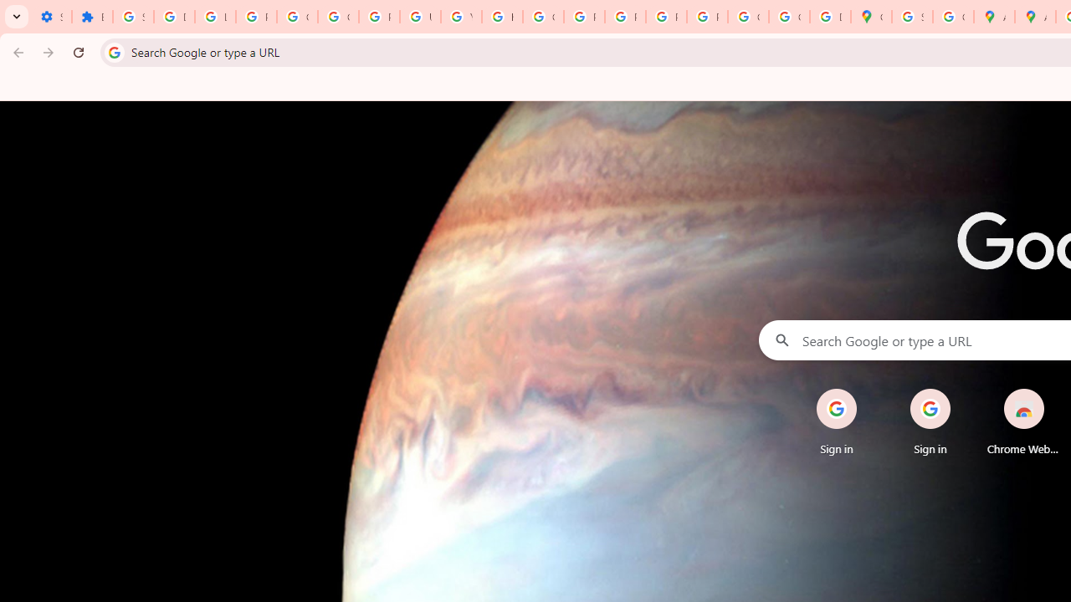 Image resolution: width=1071 pixels, height=602 pixels. Describe the element at coordinates (51, 17) in the screenshot. I see `'Settings - On startup'` at that location.